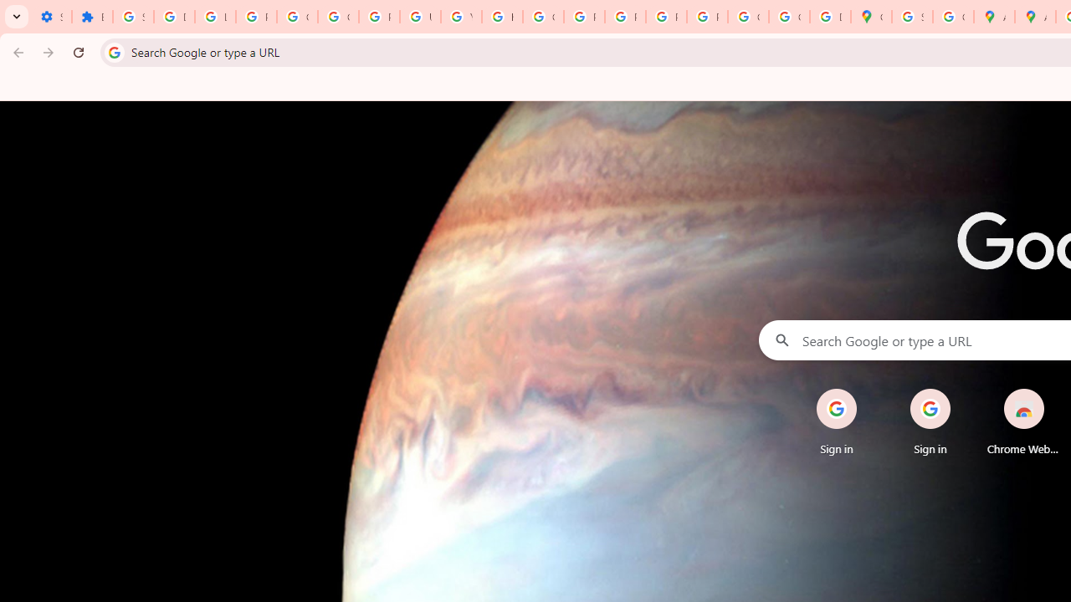 Image resolution: width=1071 pixels, height=602 pixels. Describe the element at coordinates (51, 17) in the screenshot. I see `'Settings - On startup'` at that location.